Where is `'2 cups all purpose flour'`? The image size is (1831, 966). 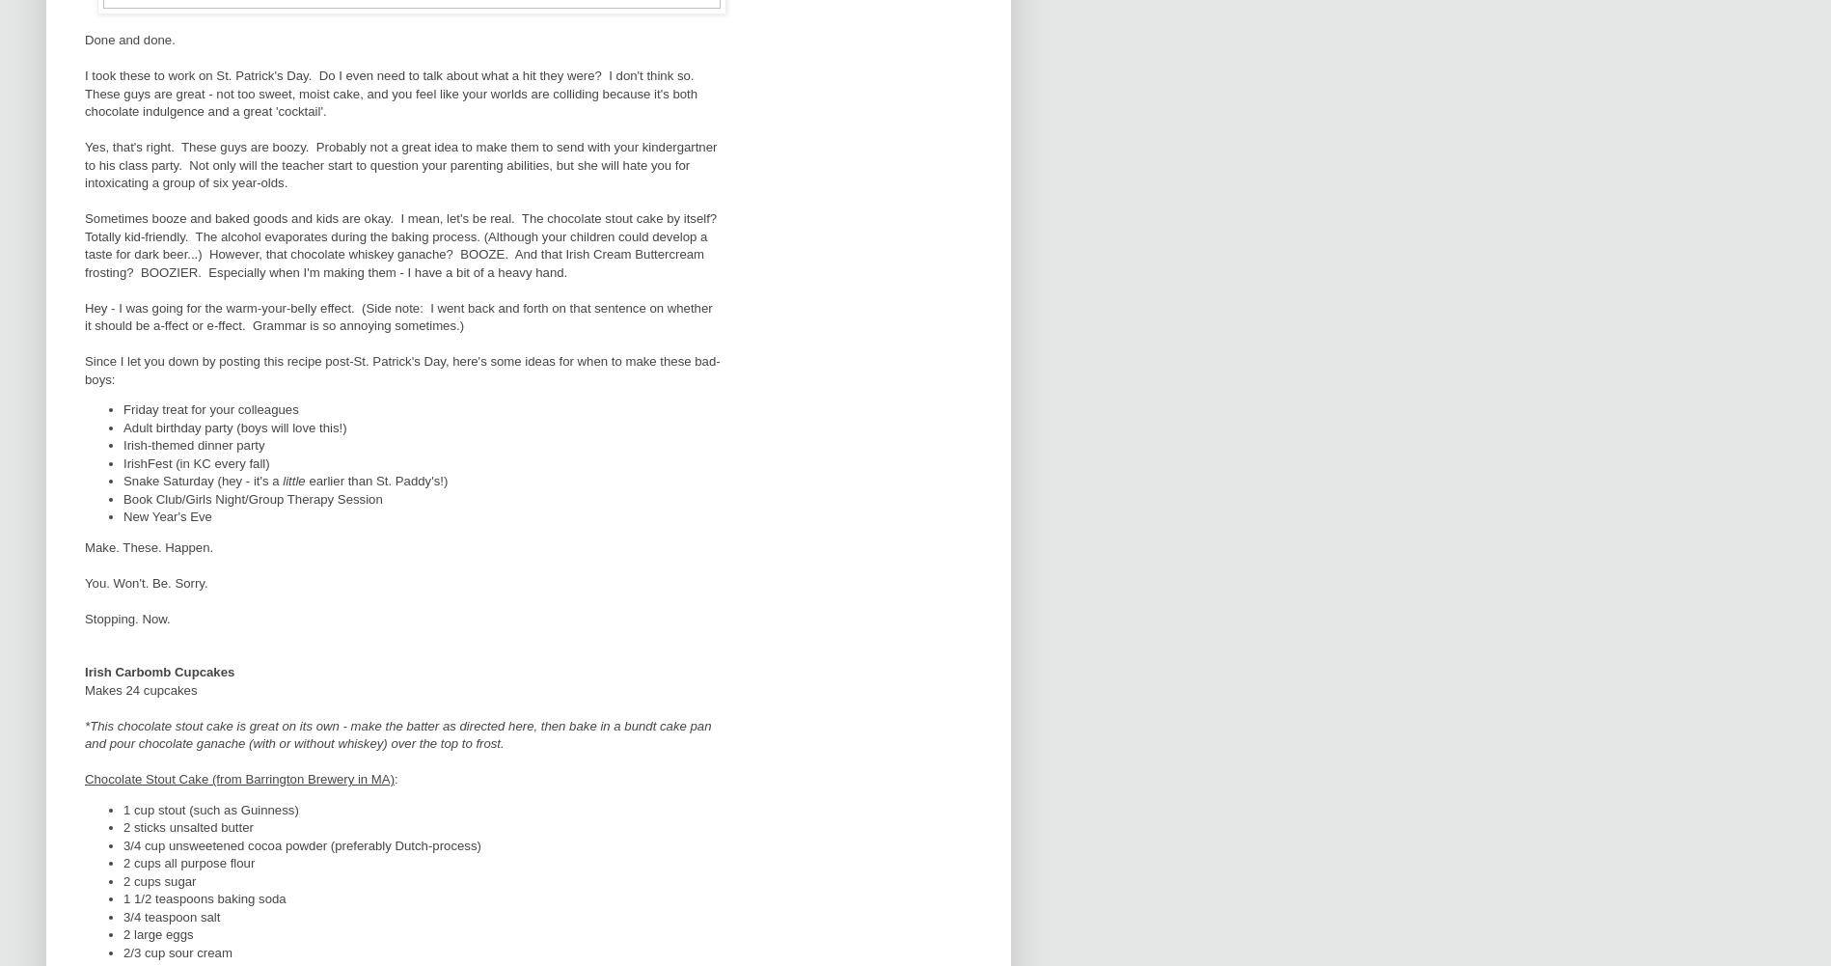
'2 cups all purpose flour' is located at coordinates (188, 863).